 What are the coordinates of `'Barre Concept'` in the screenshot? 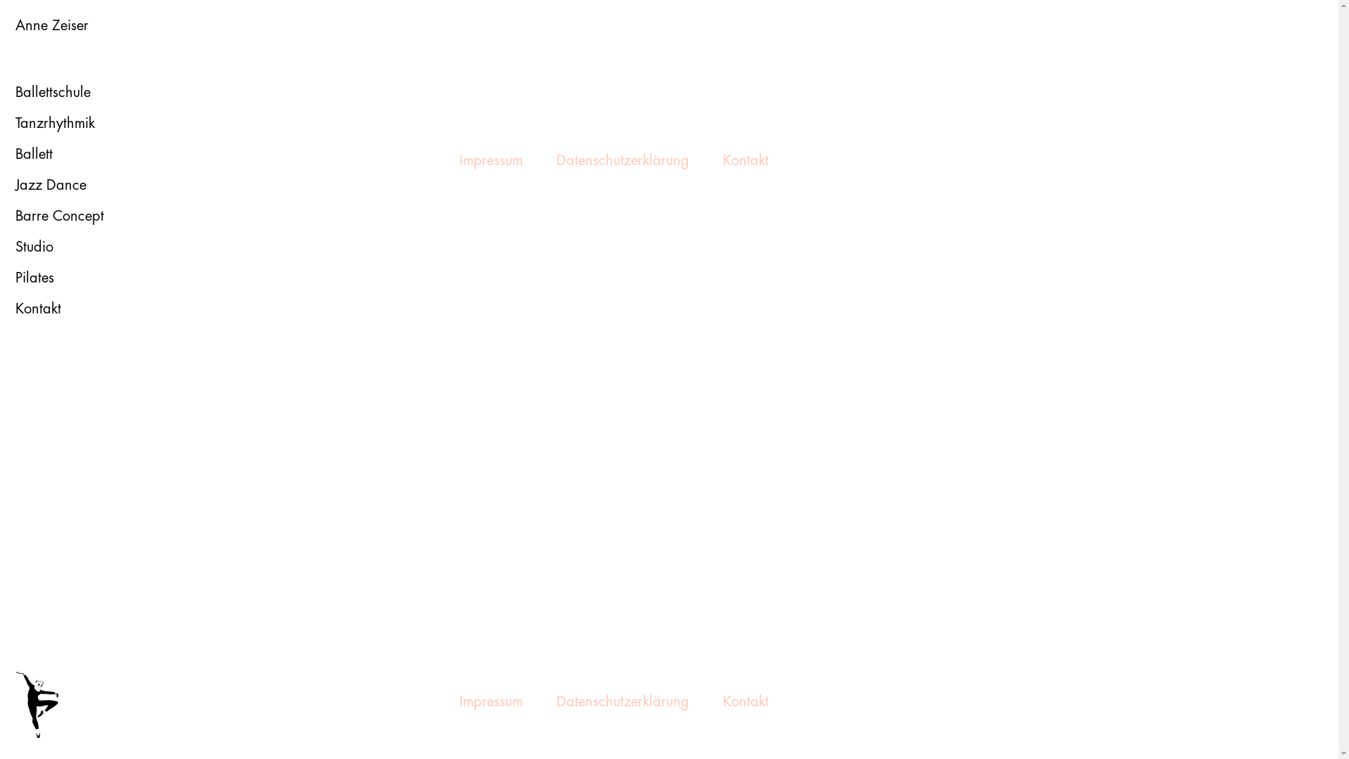 It's located at (59, 216).